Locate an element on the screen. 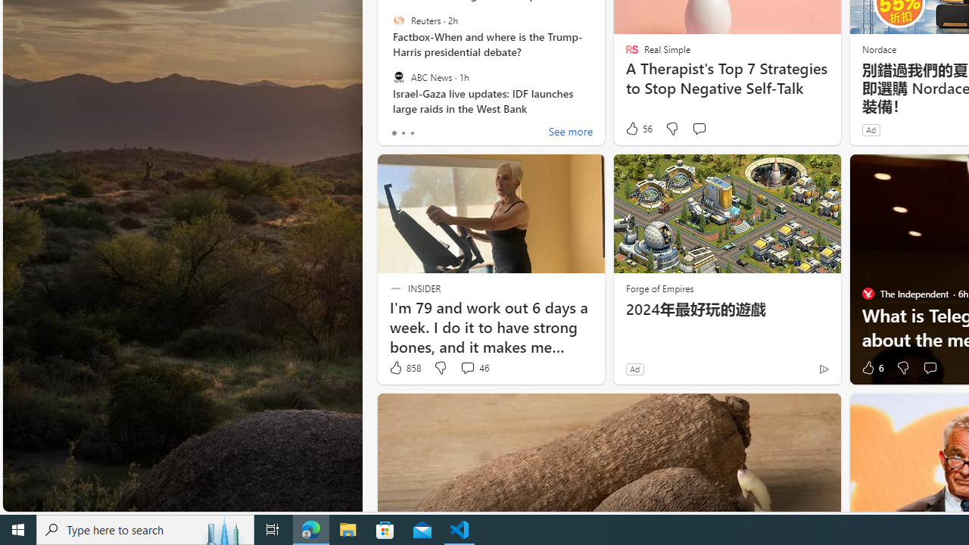 The height and width of the screenshot is (545, 969). 'Start the conversation' is located at coordinates (929, 368).